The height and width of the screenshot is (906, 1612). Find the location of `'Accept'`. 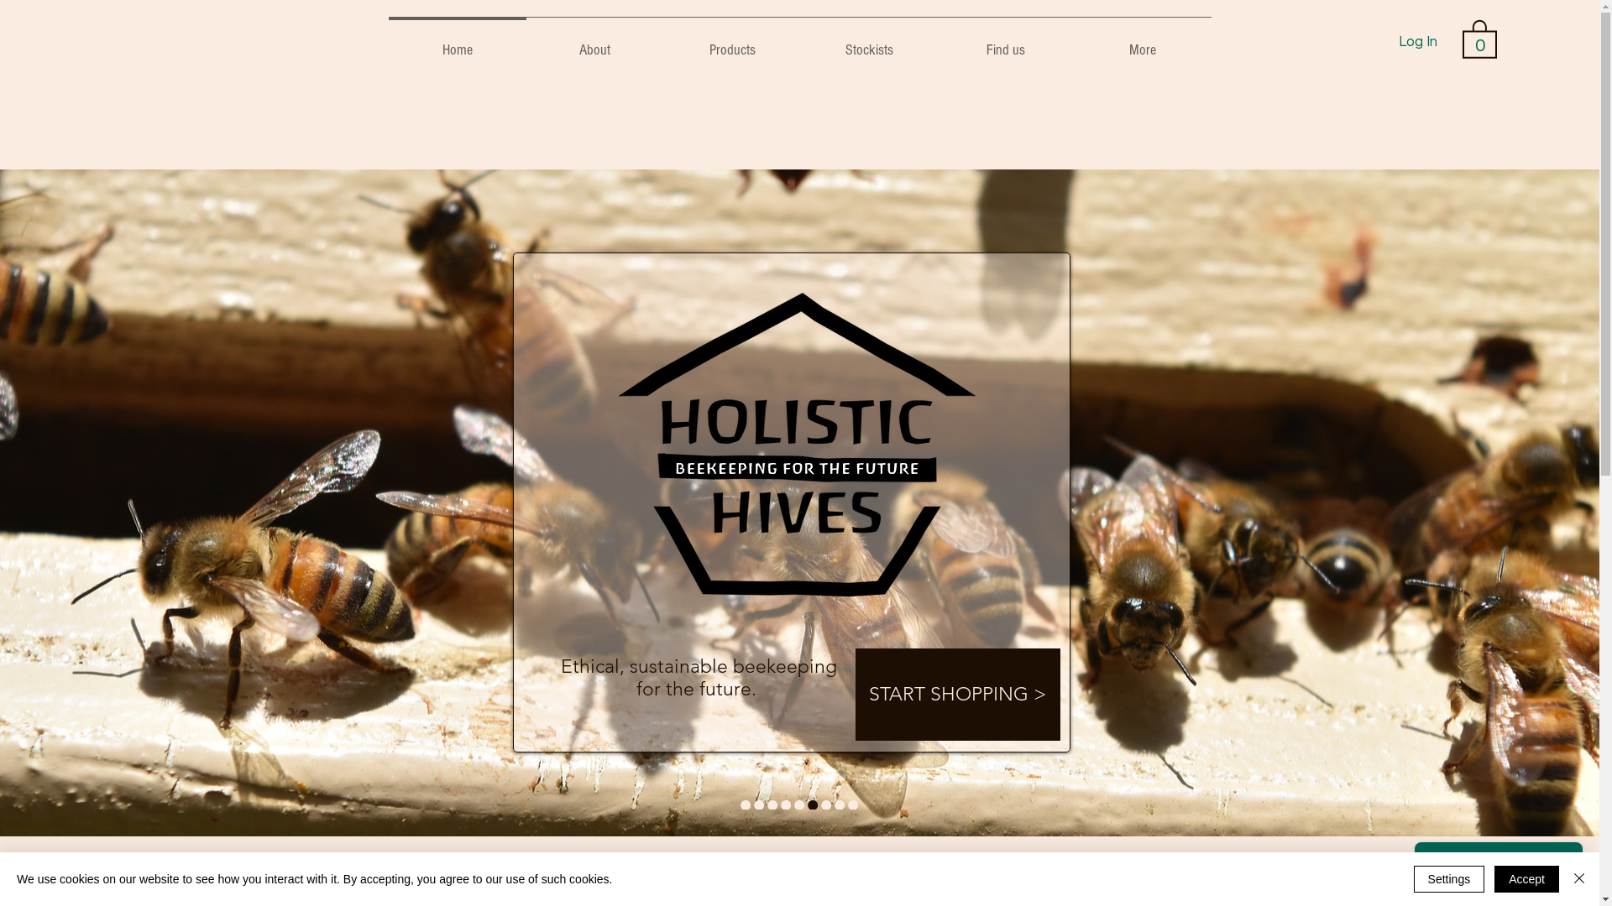

'Accept' is located at coordinates (1526, 878).